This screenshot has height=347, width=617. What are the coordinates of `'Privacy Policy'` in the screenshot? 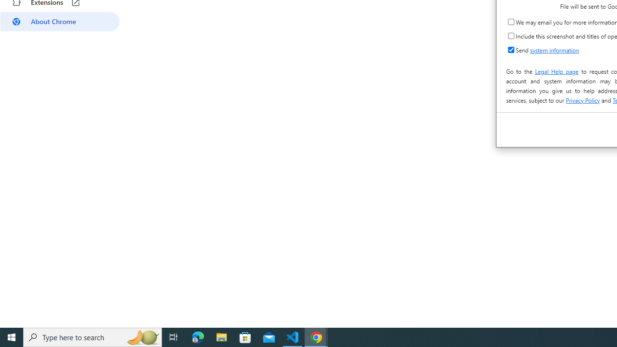 It's located at (582, 100).